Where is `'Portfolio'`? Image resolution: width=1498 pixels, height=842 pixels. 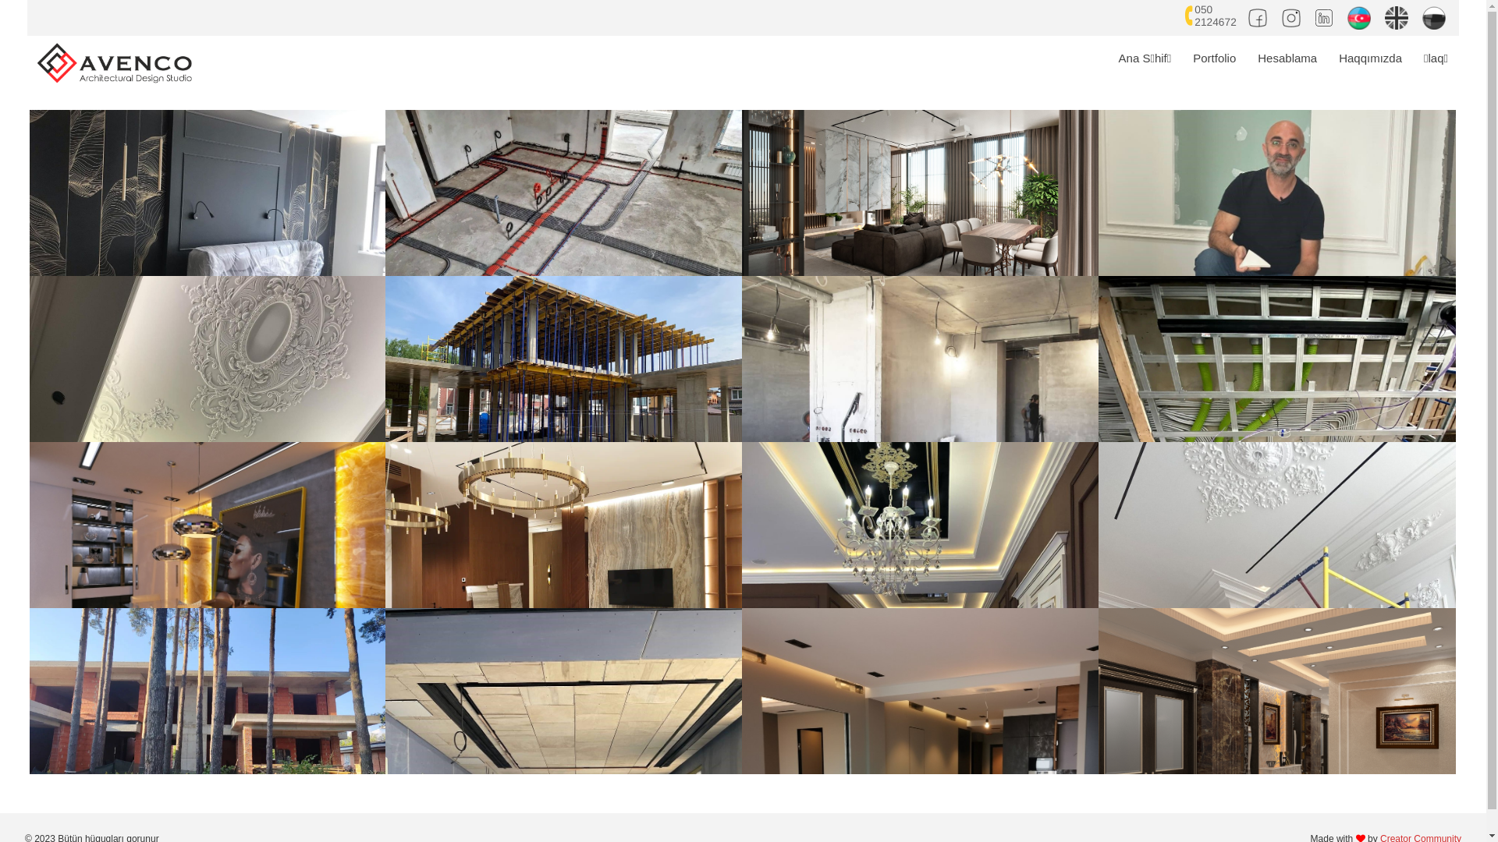 'Portfolio' is located at coordinates (1213, 57).